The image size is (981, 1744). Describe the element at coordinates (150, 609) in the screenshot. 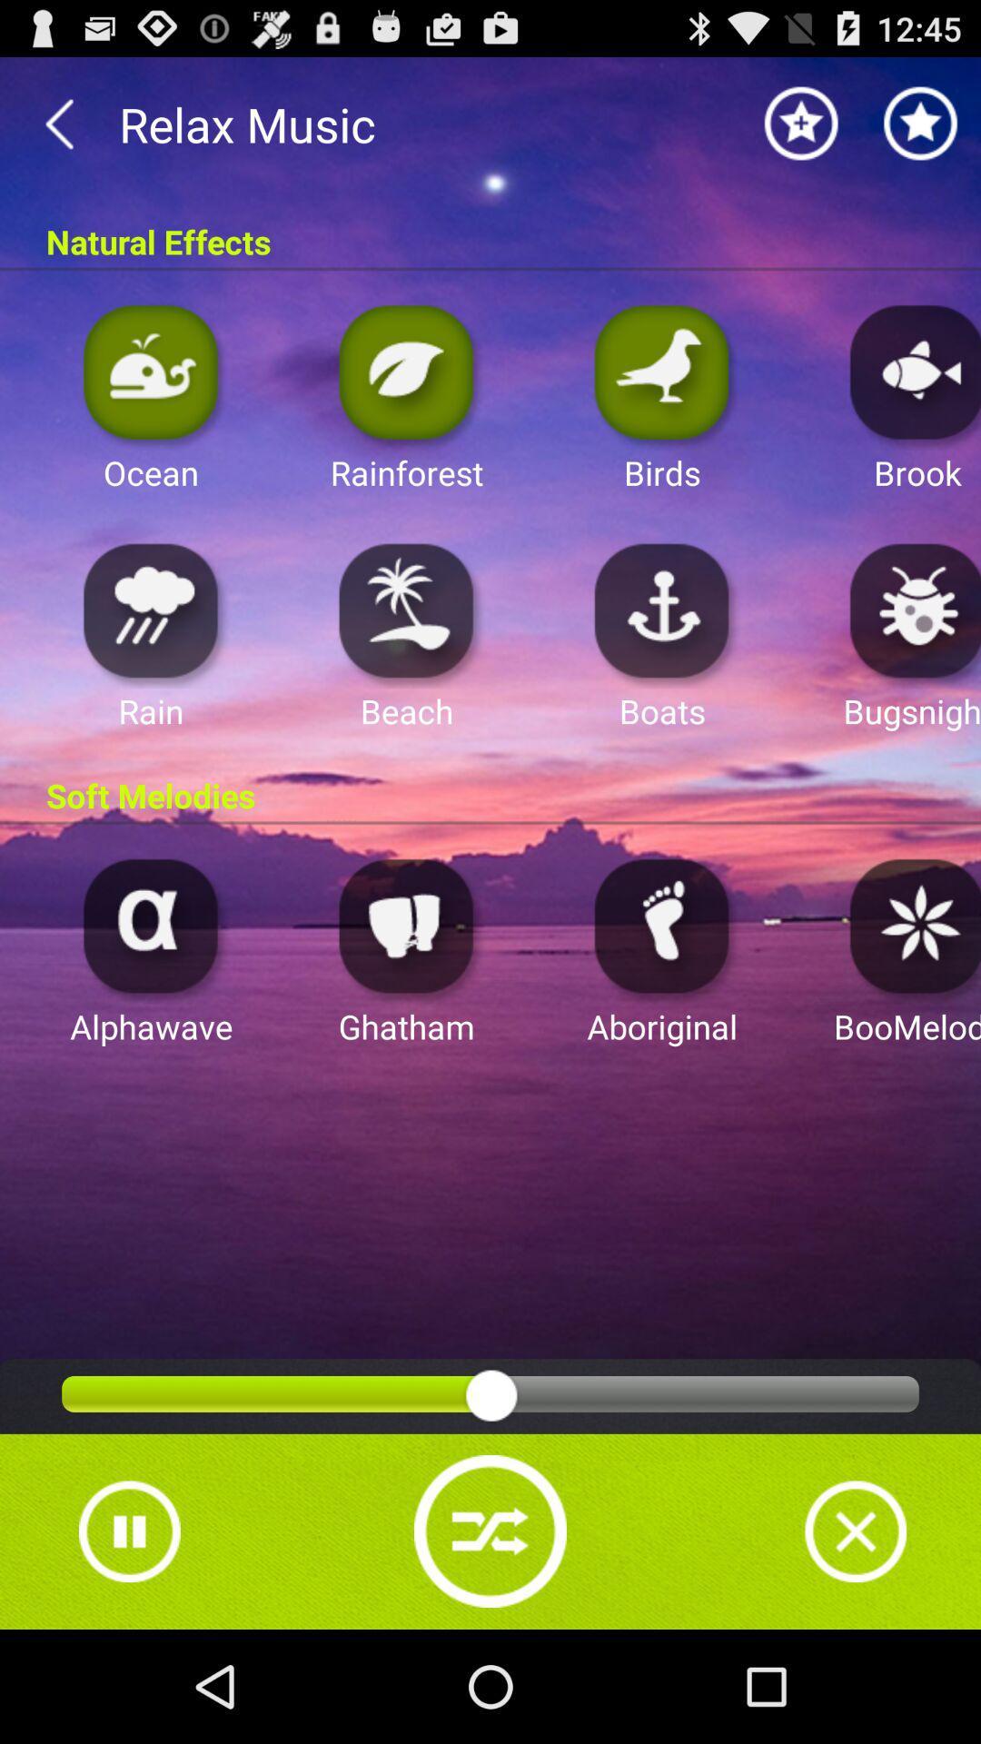

I see `open app` at that location.